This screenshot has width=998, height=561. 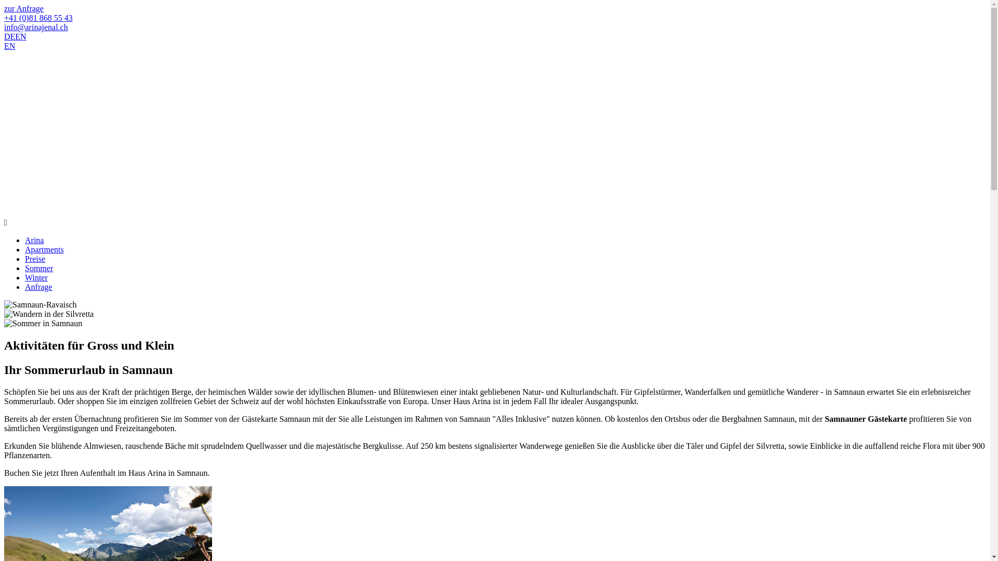 I want to click on ' Samnaun-Ravaisch', so click(x=40, y=304).